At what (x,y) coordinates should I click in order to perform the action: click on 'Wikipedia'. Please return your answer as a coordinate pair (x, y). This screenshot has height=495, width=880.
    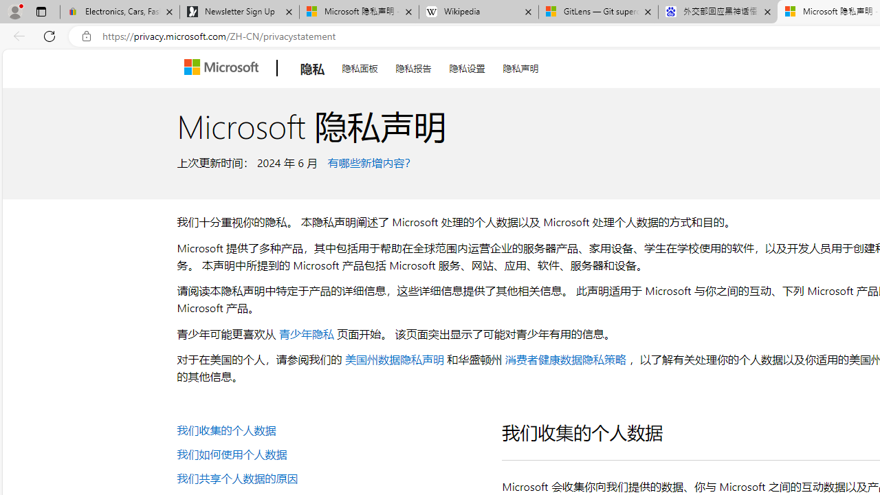
    Looking at the image, I should click on (478, 12).